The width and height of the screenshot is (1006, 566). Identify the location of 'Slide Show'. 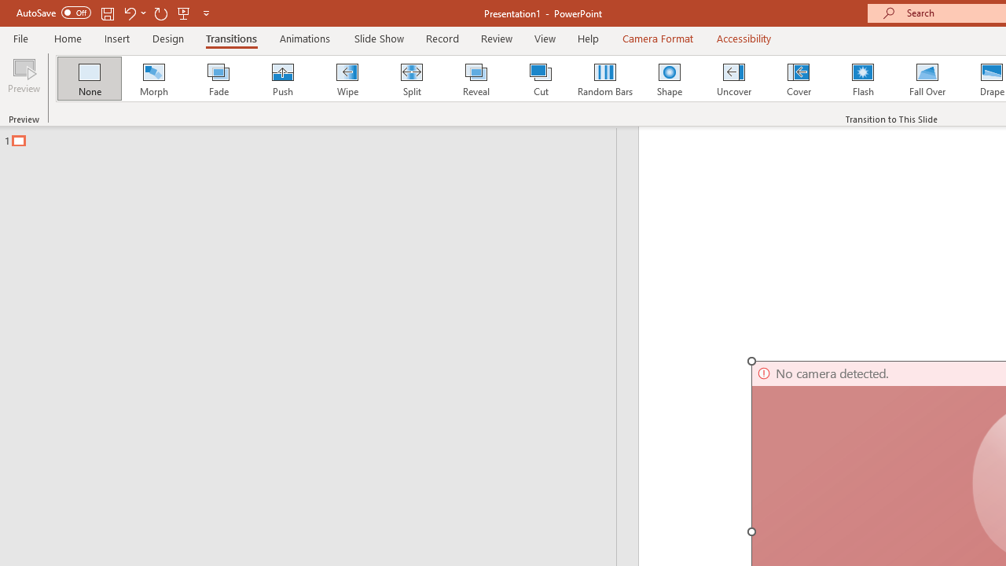
(378, 38).